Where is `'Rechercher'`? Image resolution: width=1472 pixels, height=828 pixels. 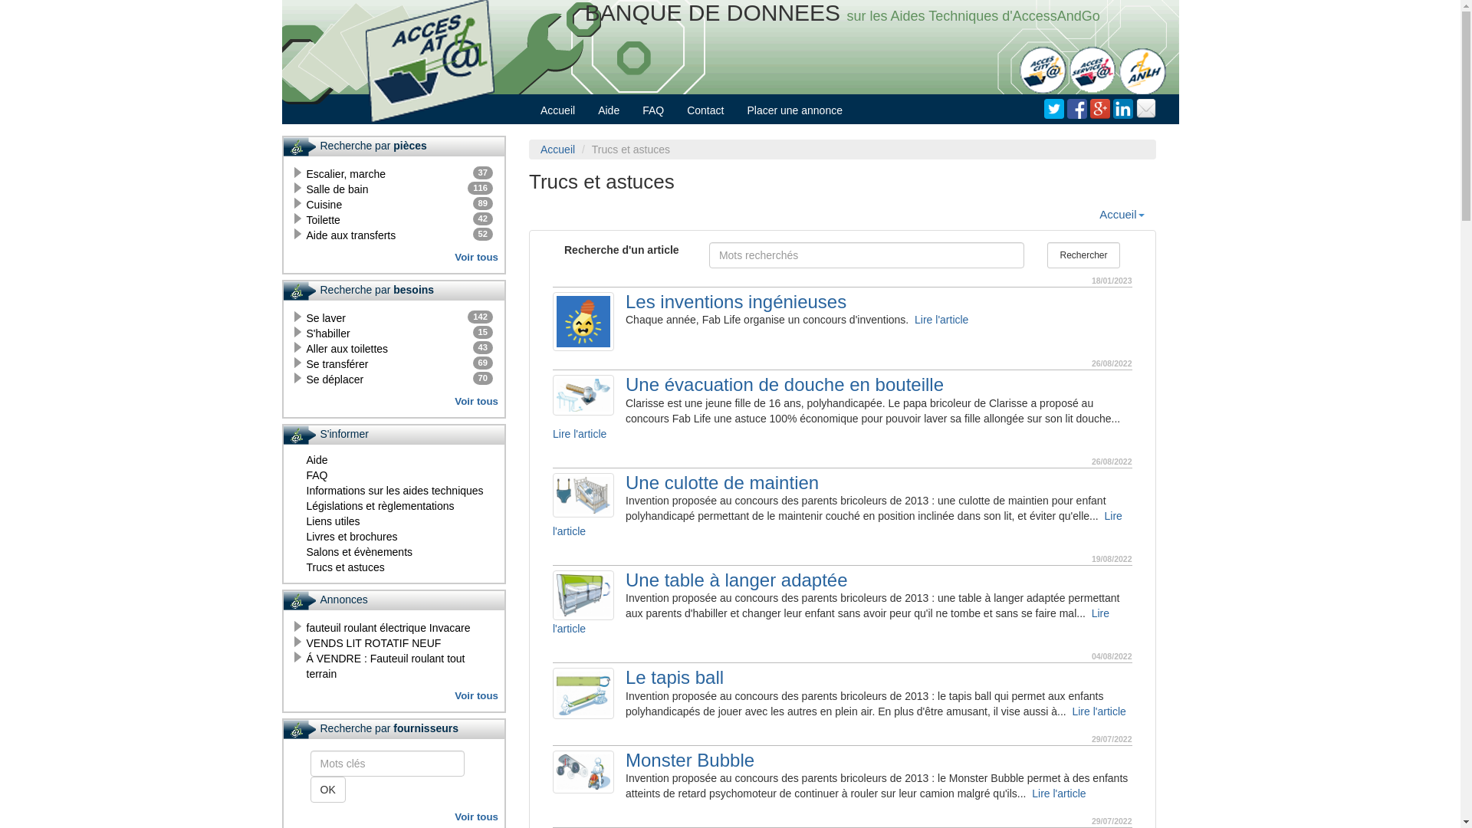
'Rechercher' is located at coordinates (1046, 254).